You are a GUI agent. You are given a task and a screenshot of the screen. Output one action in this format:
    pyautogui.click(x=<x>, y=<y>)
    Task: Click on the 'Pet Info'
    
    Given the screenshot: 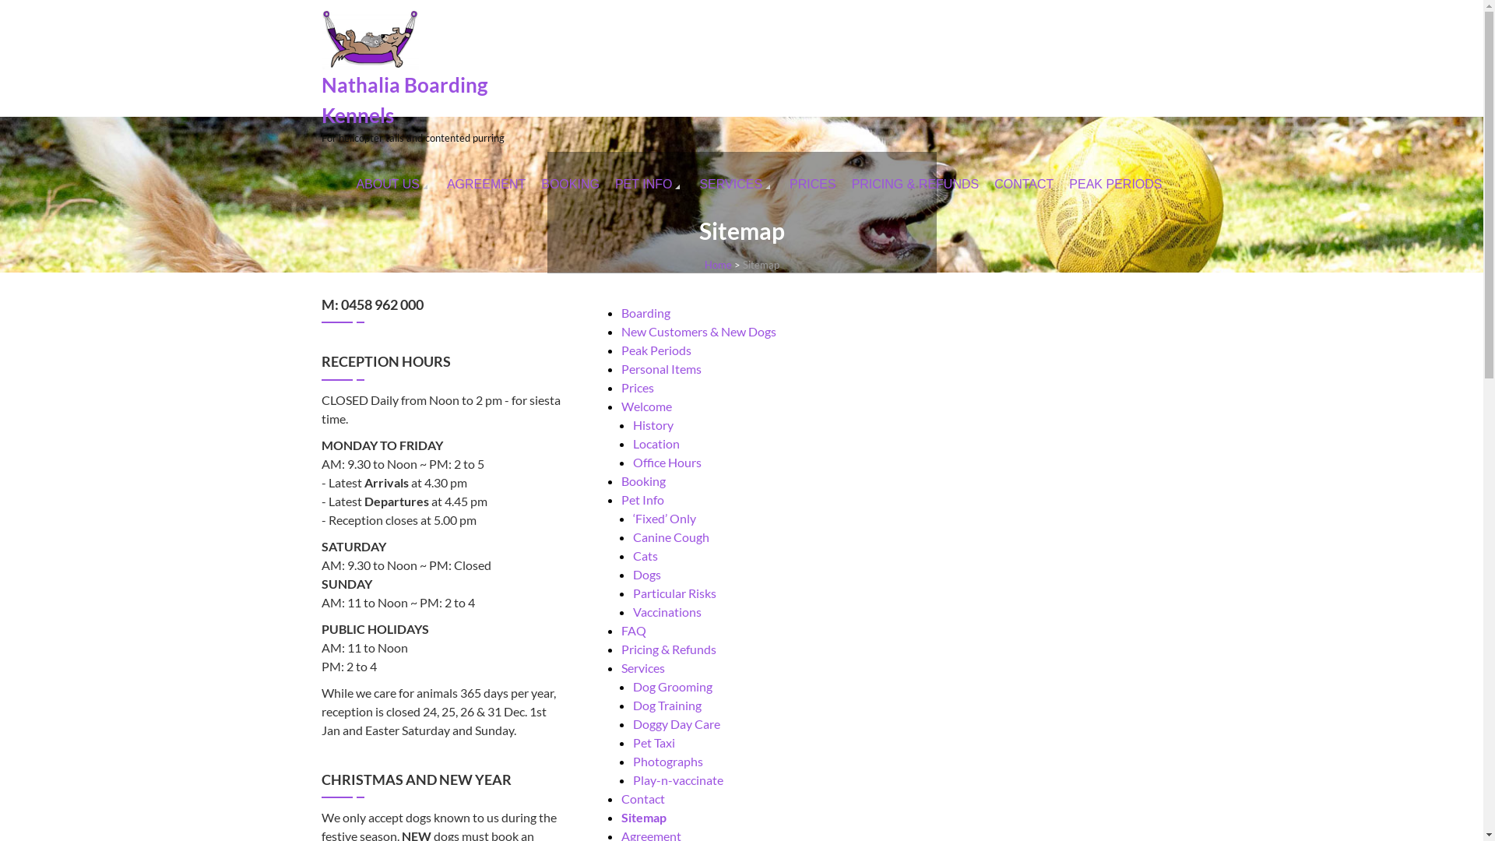 What is the action you would take?
    pyautogui.click(x=642, y=499)
    